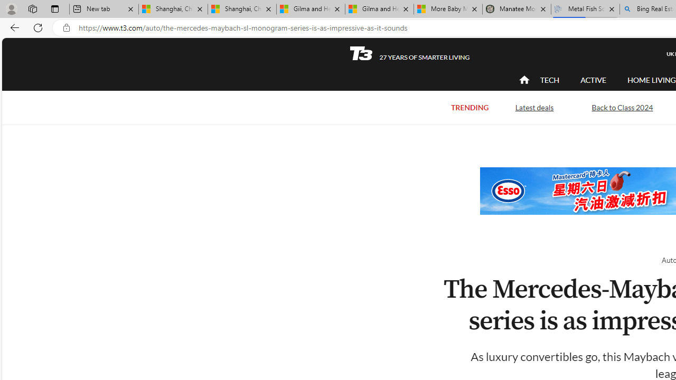  What do you see at coordinates (523, 79) in the screenshot?
I see `'Class: navigation__item'` at bounding box center [523, 79].